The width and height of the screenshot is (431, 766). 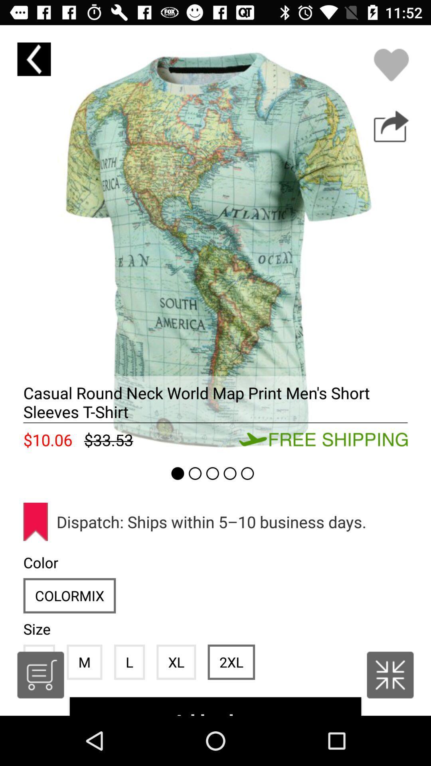 What do you see at coordinates (34, 59) in the screenshot?
I see `to previous page` at bounding box center [34, 59].